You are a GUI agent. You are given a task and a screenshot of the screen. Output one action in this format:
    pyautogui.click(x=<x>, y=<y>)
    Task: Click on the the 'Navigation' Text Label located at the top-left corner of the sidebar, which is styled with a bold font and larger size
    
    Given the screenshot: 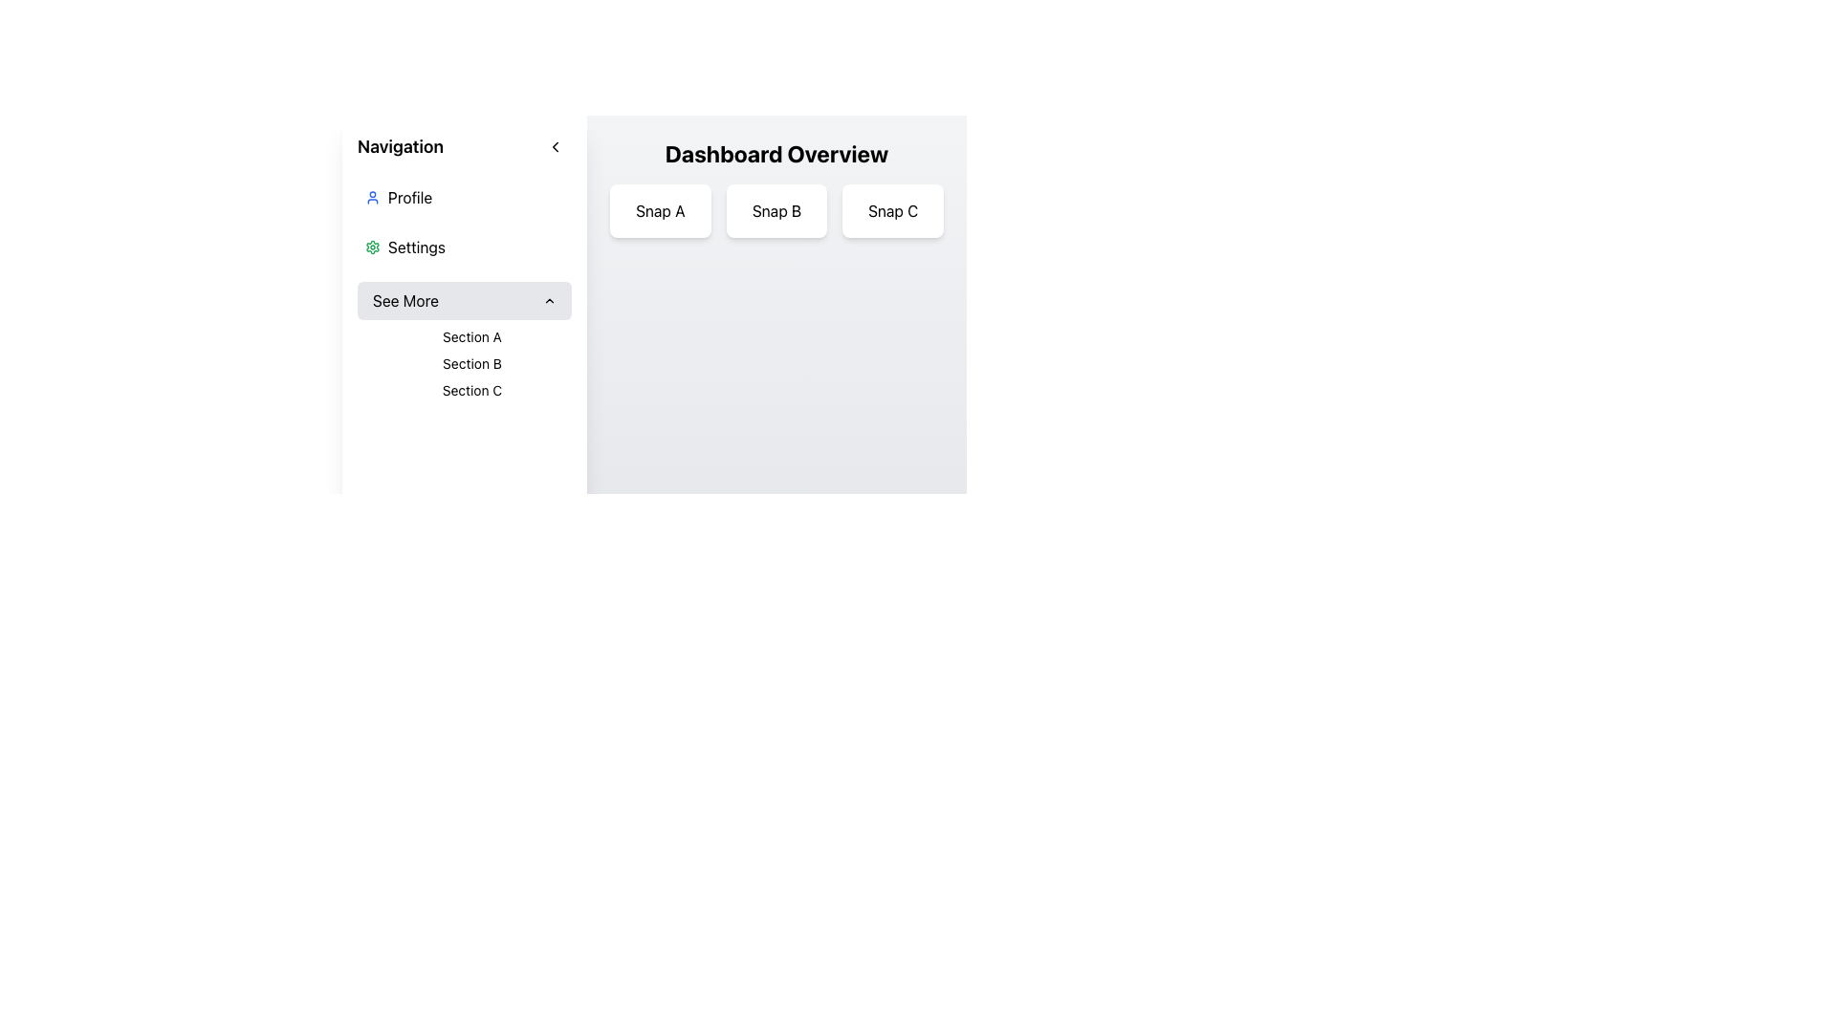 What is the action you would take?
    pyautogui.click(x=399, y=146)
    